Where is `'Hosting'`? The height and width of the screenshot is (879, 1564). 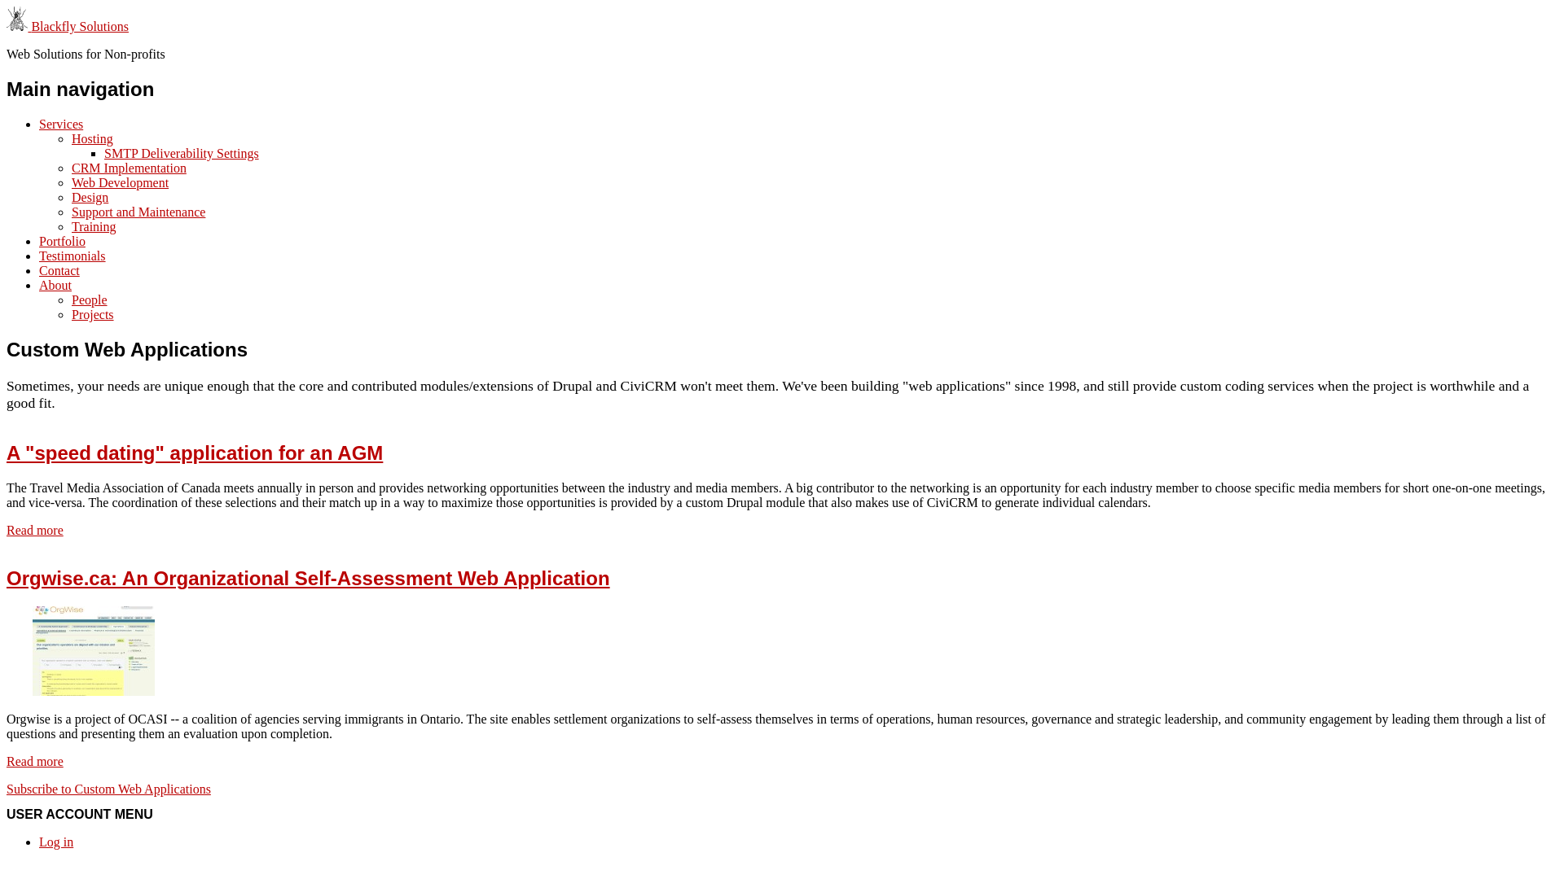 'Hosting' is located at coordinates (91, 138).